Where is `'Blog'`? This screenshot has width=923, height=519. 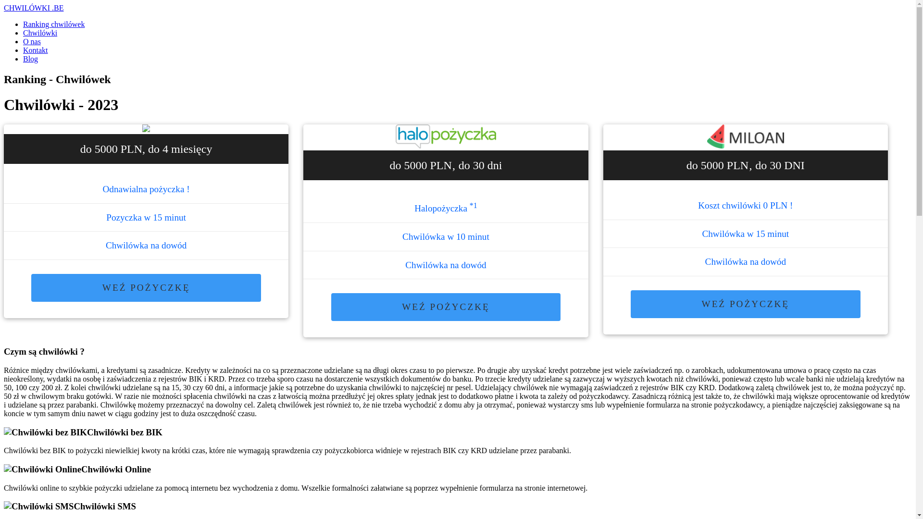
'Blog' is located at coordinates (30, 59).